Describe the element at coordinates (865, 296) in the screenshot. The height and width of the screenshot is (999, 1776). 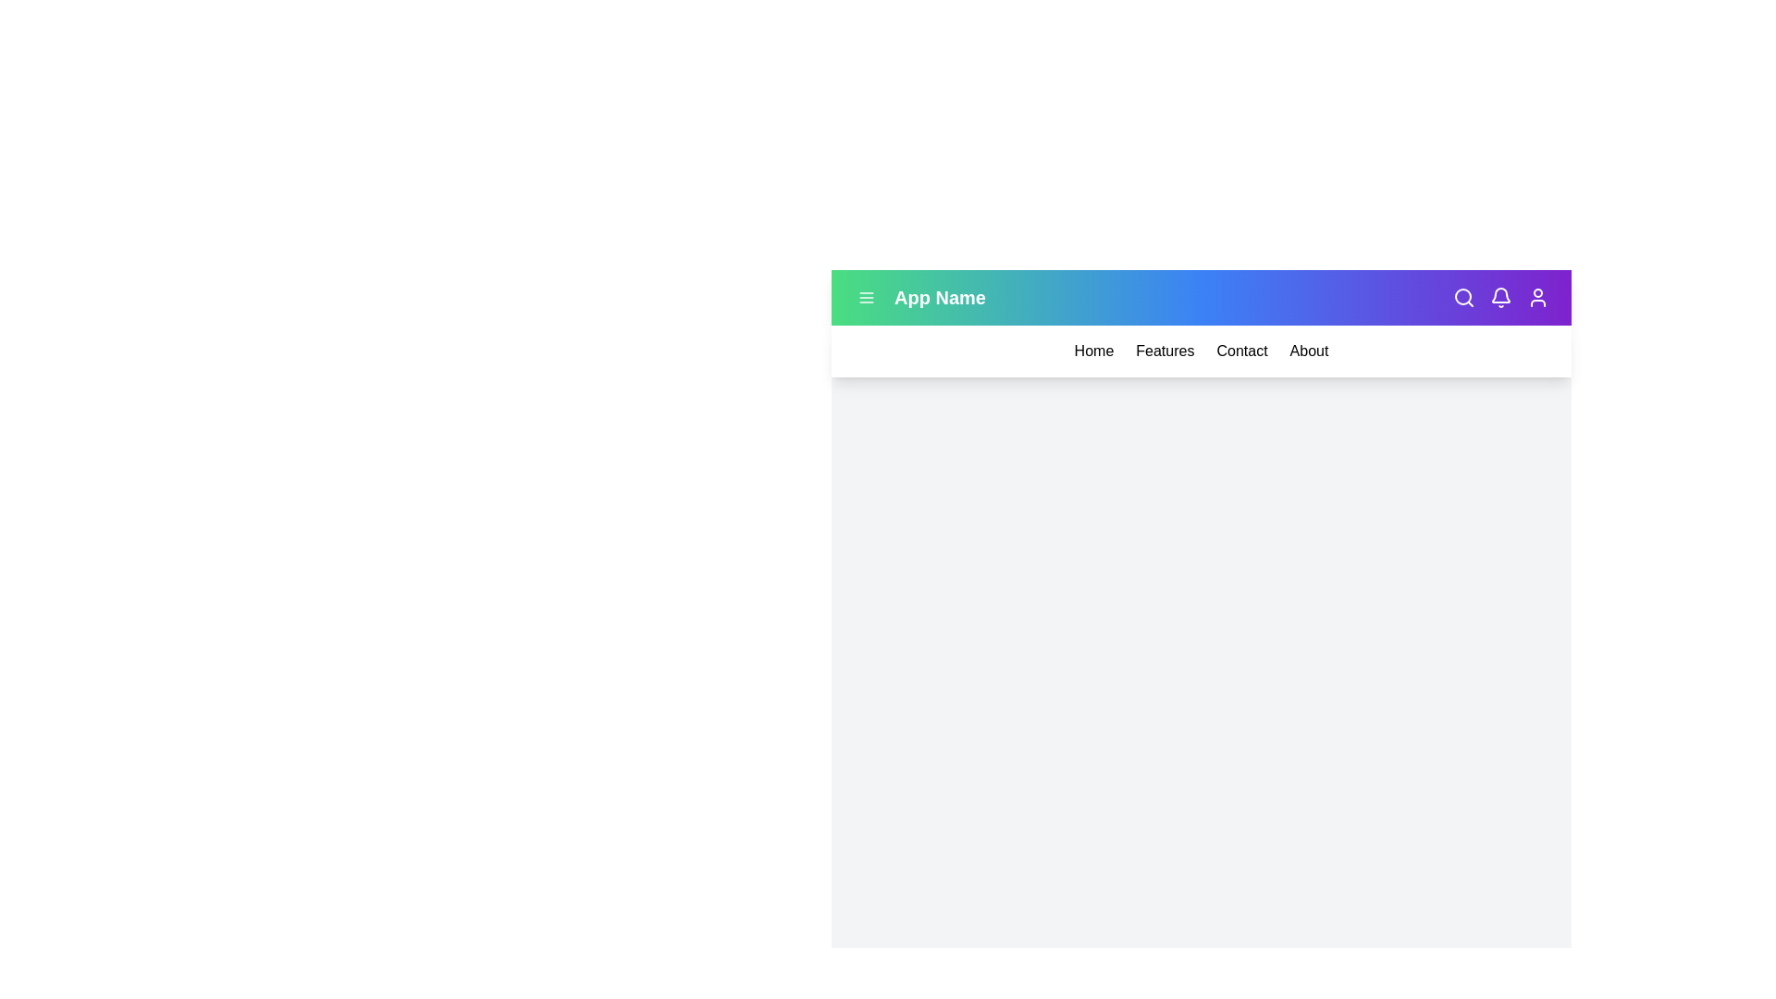
I see `the menu icon to toggle the sidebar` at that location.